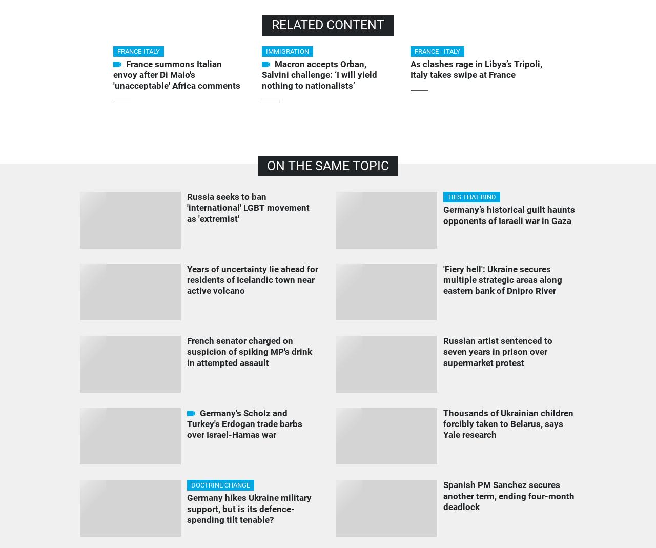  I want to click on 'DOCTRINE CHANGE', so click(219, 484).